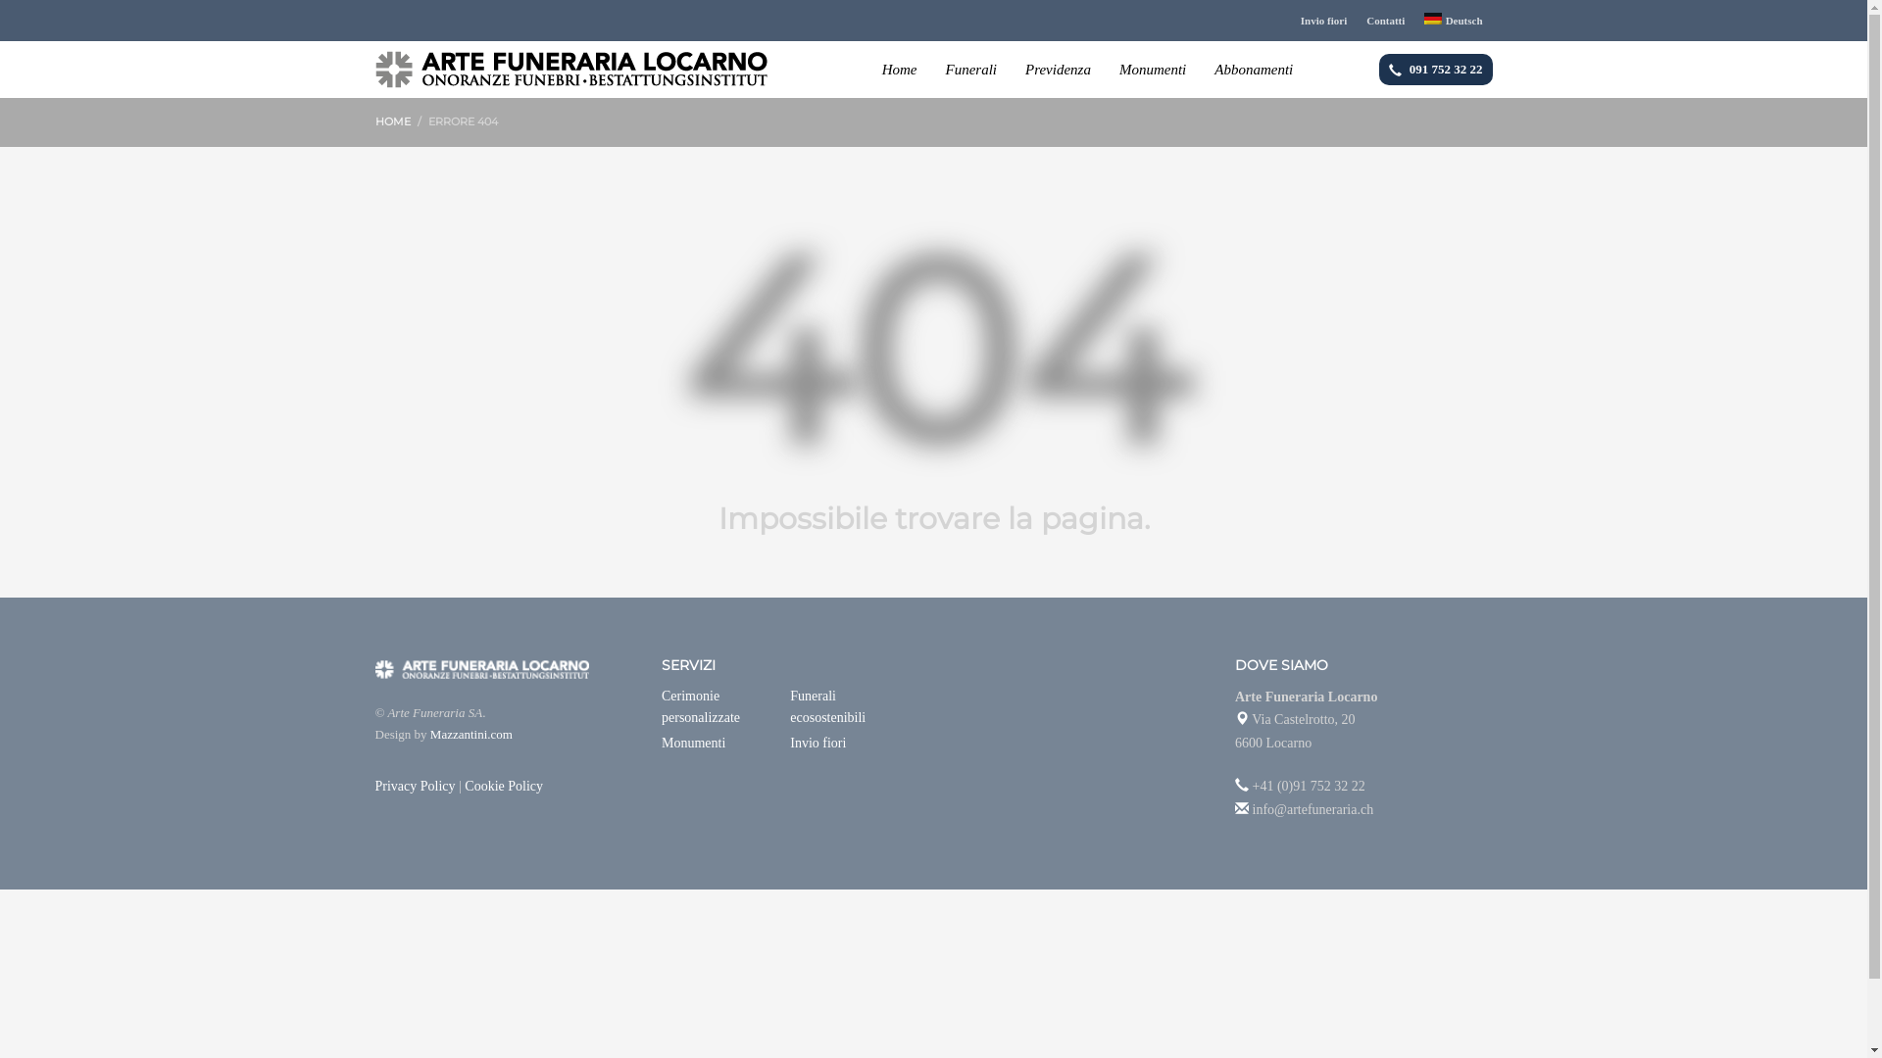  What do you see at coordinates (790, 707) in the screenshot?
I see `'Funerali ecosostenibili'` at bounding box center [790, 707].